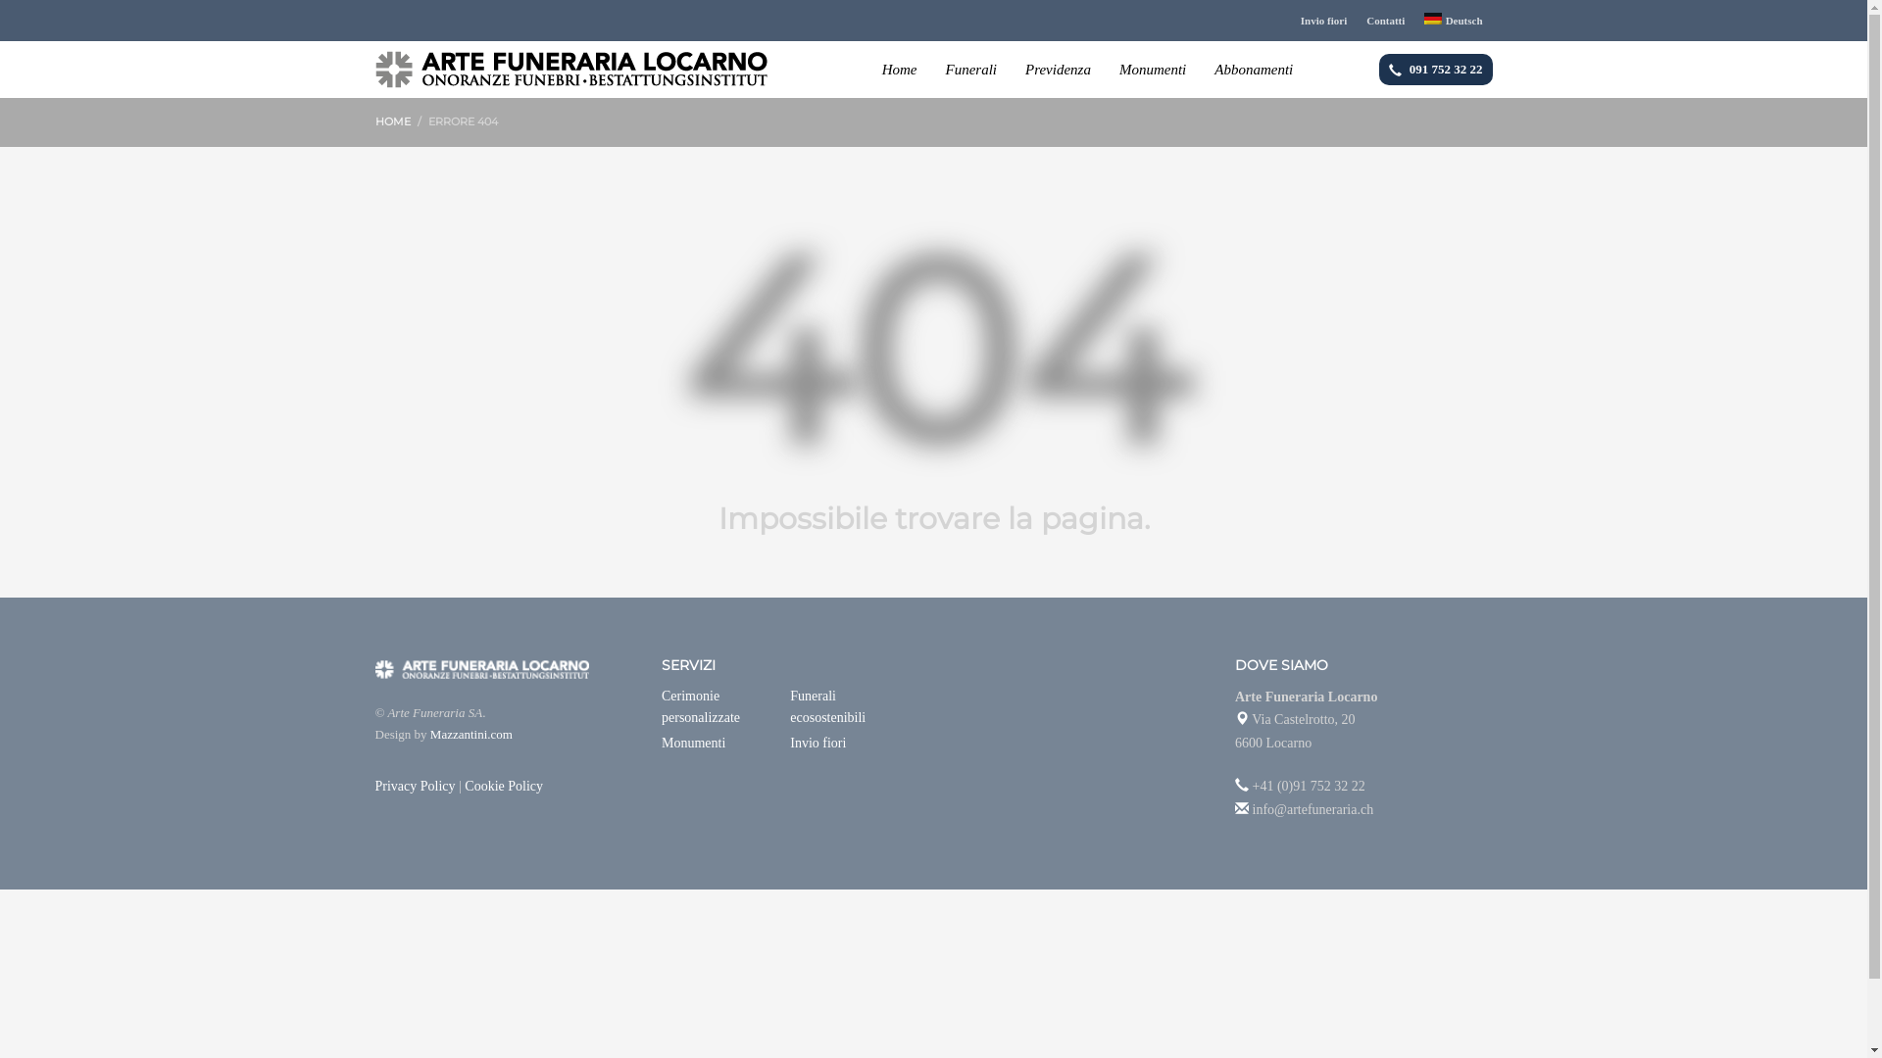  What do you see at coordinates (790, 707) in the screenshot?
I see `'Funerali ecosostenibili'` at bounding box center [790, 707].